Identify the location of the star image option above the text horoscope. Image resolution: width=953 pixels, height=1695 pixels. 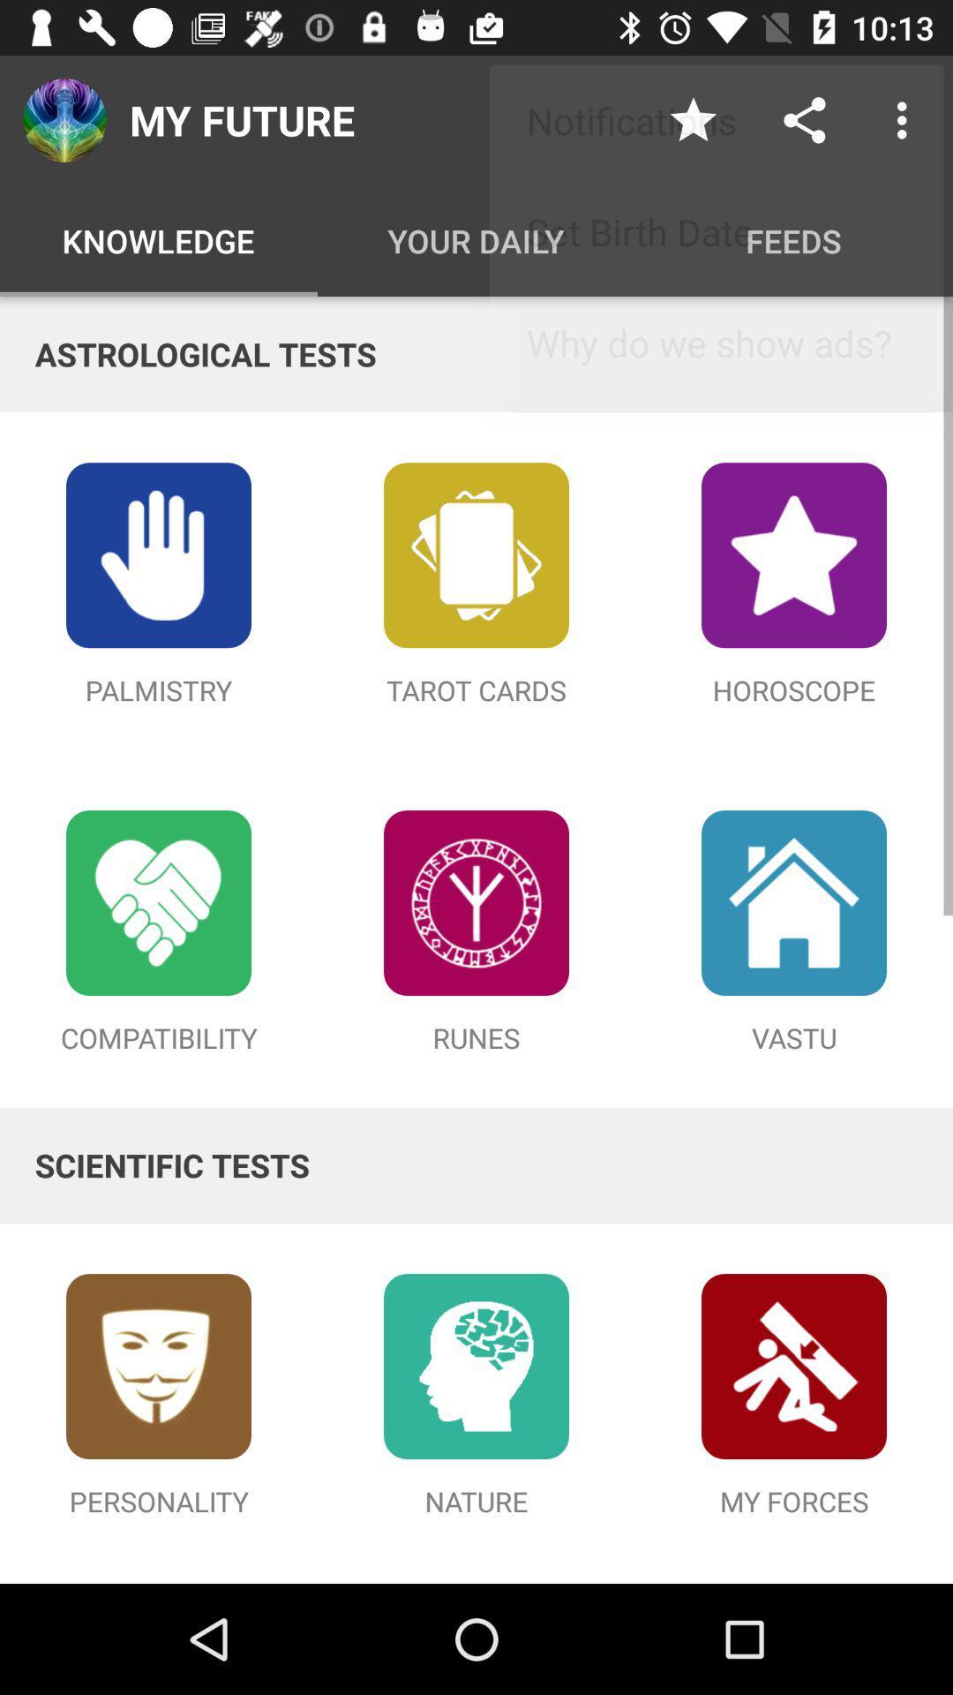
(792, 554).